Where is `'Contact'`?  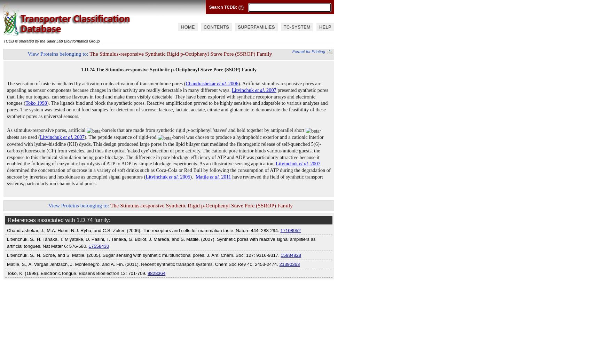 'Contact' is located at coordinates (185, 5).